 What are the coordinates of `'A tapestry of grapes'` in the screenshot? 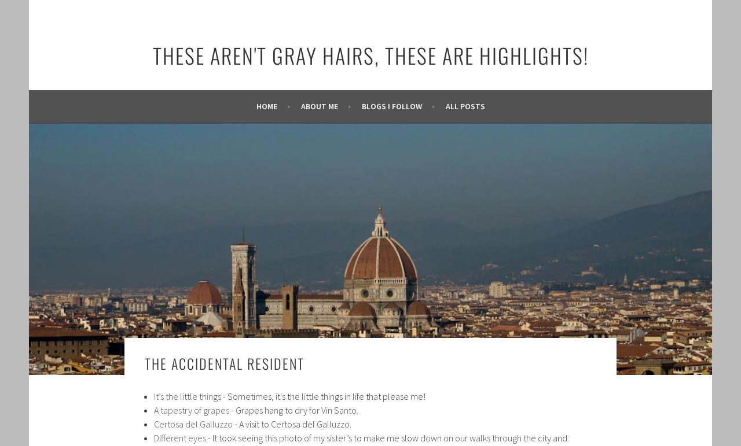 It's located at (192, 410).